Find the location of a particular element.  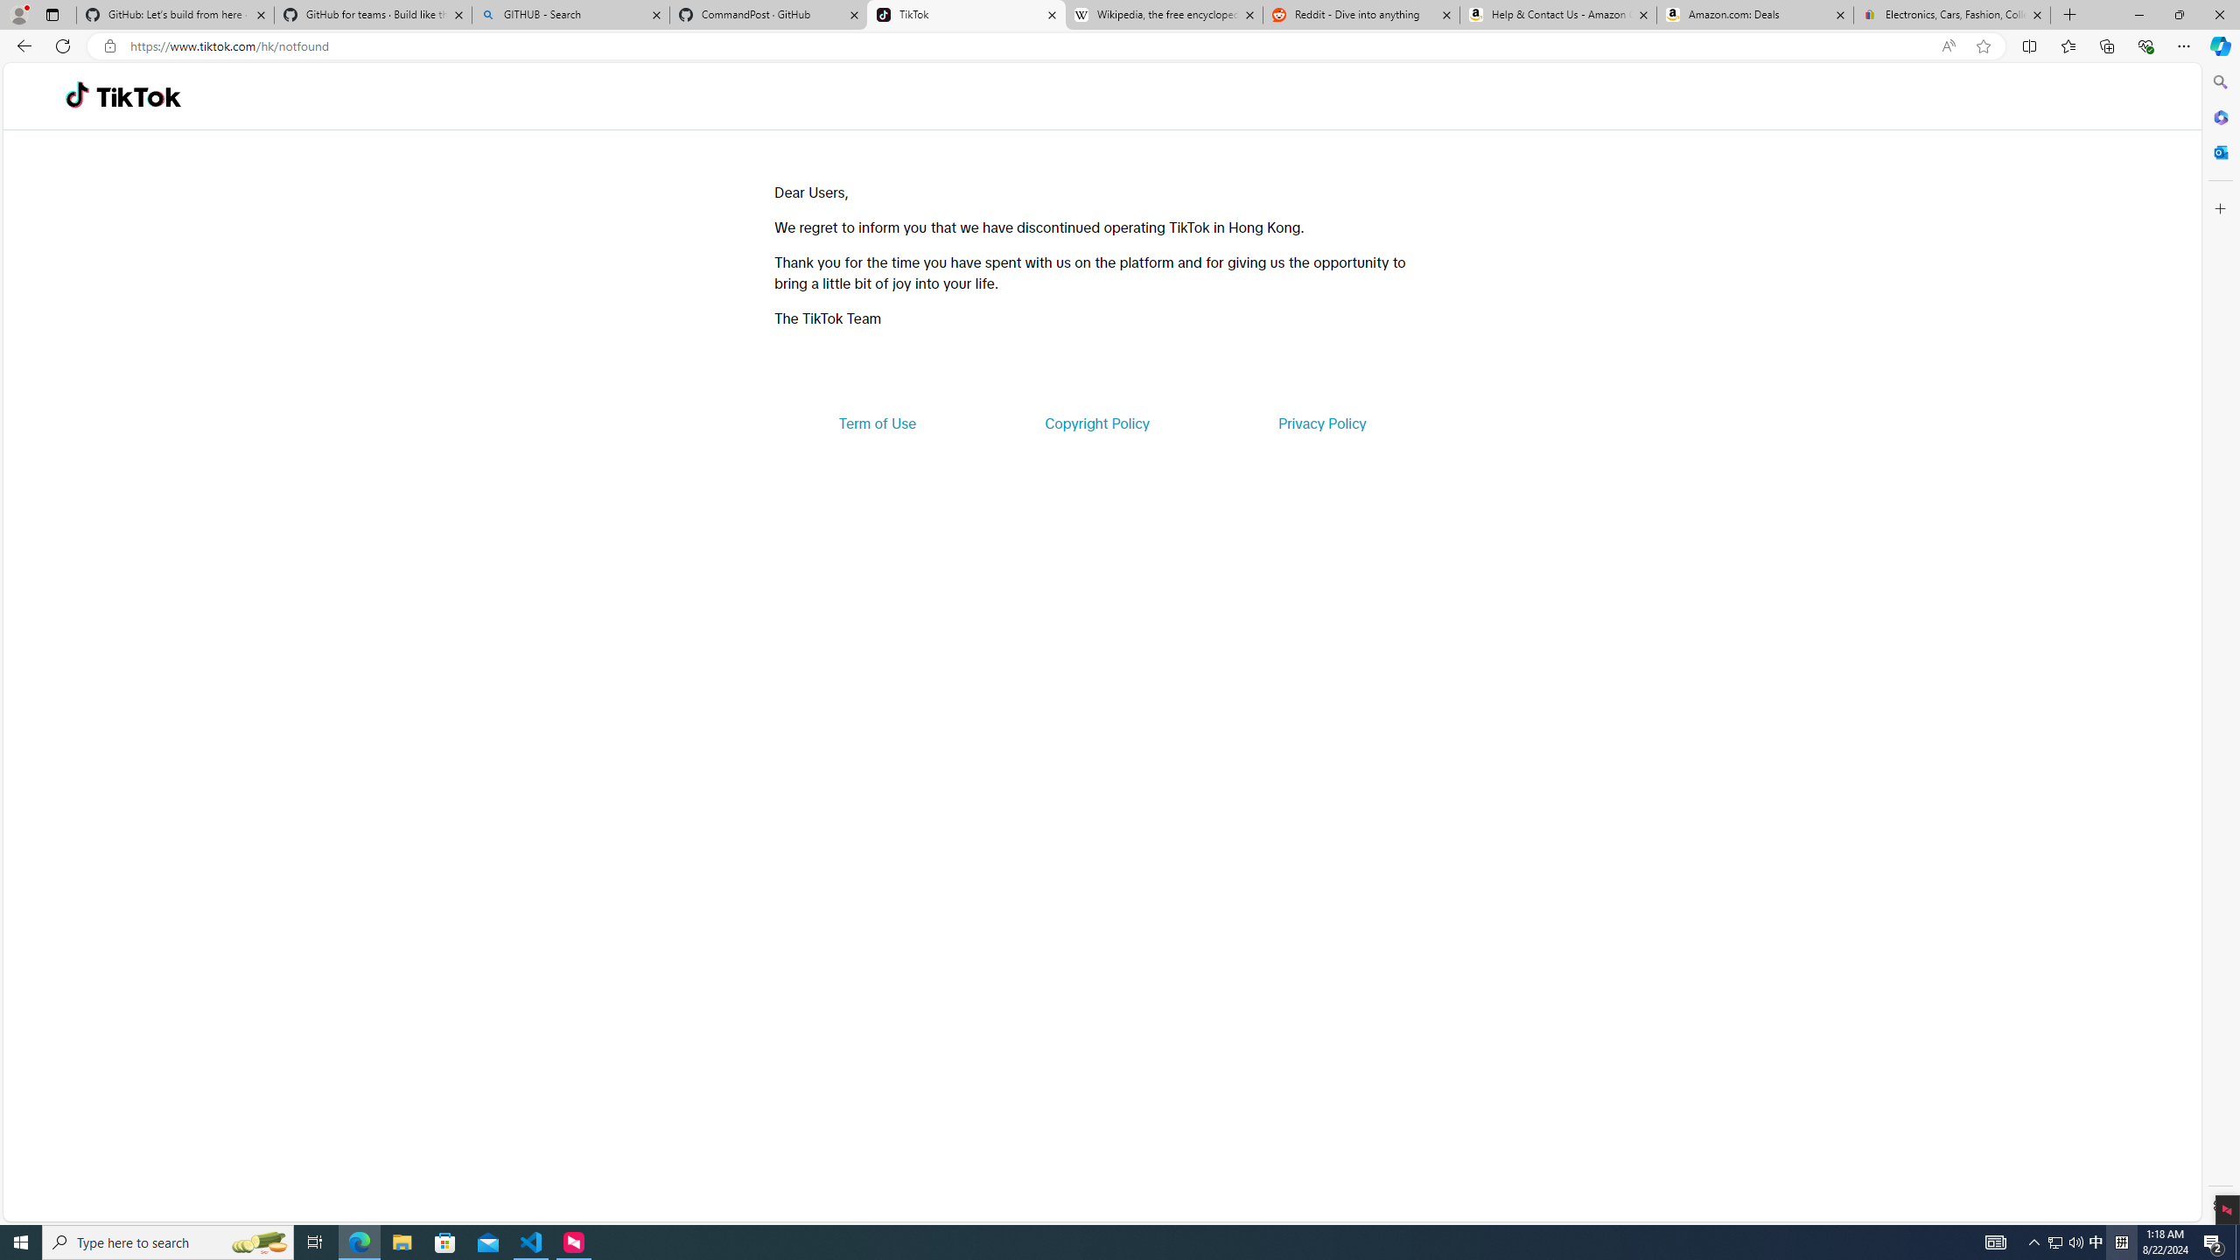

'Address and search bar' is located at coordinates (1031, 46).